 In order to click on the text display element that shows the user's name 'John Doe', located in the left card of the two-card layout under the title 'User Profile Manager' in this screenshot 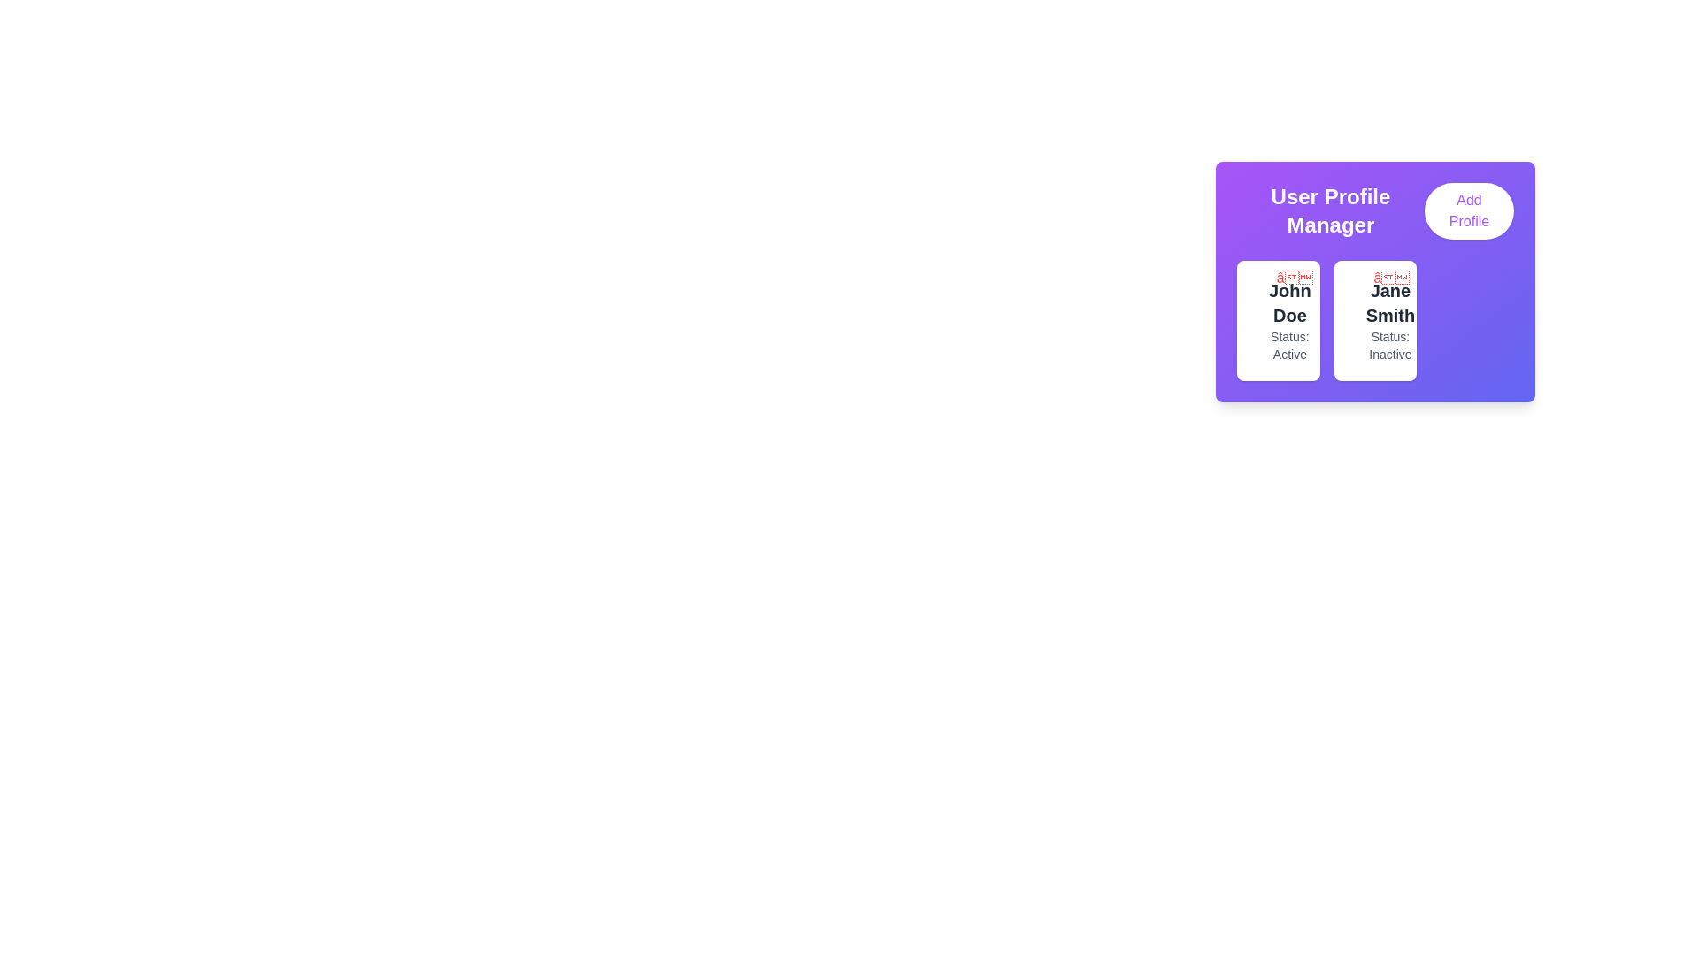, I will do `click(1289, 302)`.